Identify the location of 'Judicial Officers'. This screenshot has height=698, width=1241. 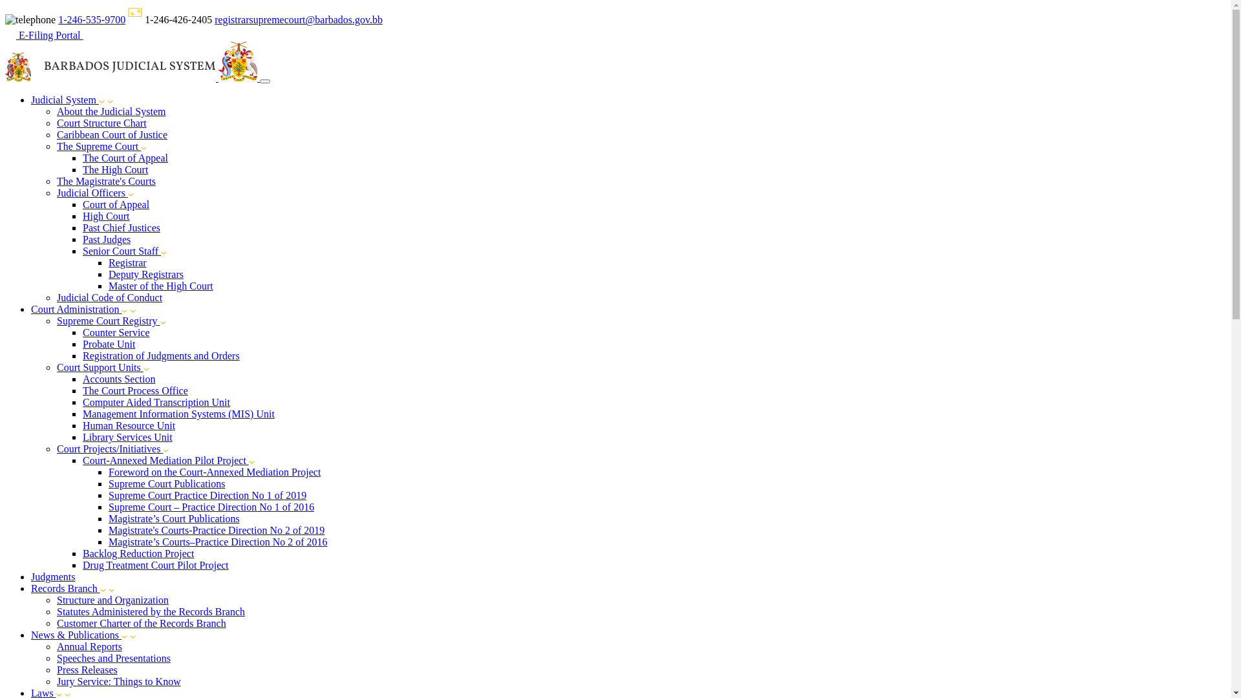
(56, 193).